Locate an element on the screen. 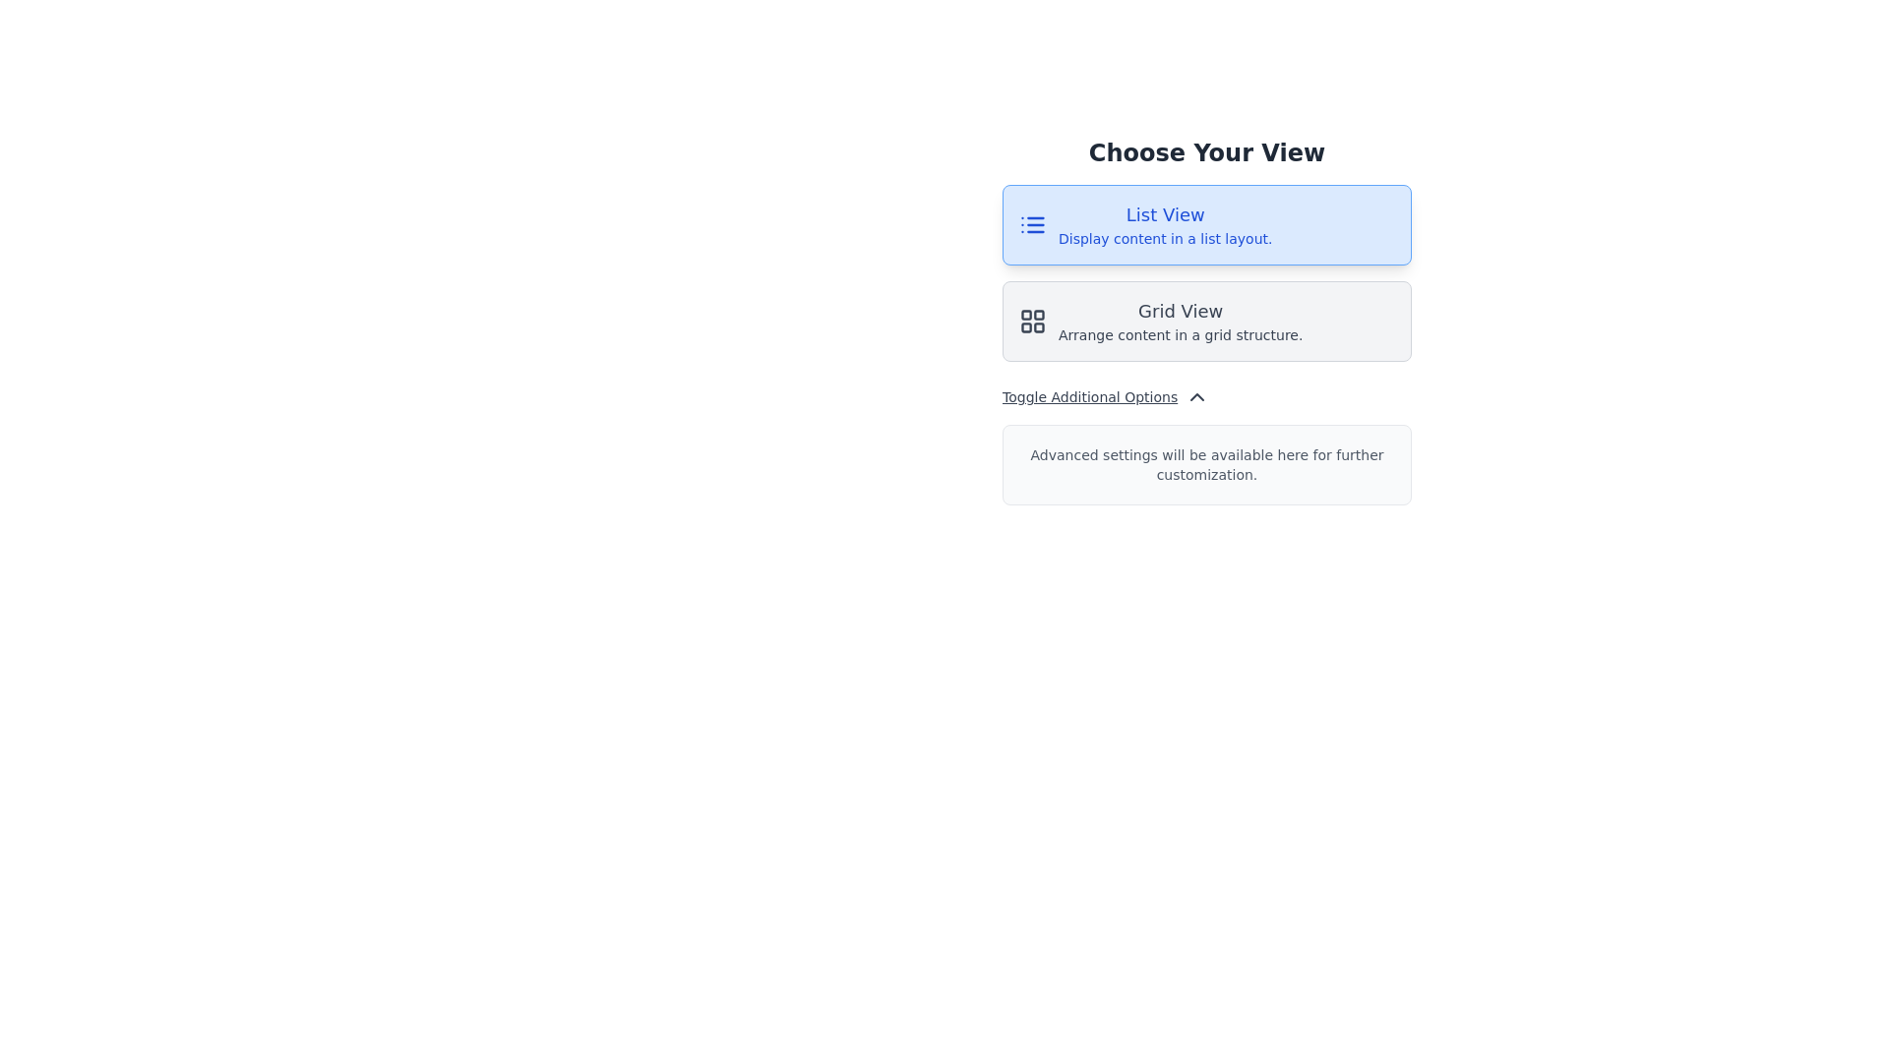  the toggle icon located to the right of the 'Toggle Additional Options' text is located at coordinates (1196, 397).